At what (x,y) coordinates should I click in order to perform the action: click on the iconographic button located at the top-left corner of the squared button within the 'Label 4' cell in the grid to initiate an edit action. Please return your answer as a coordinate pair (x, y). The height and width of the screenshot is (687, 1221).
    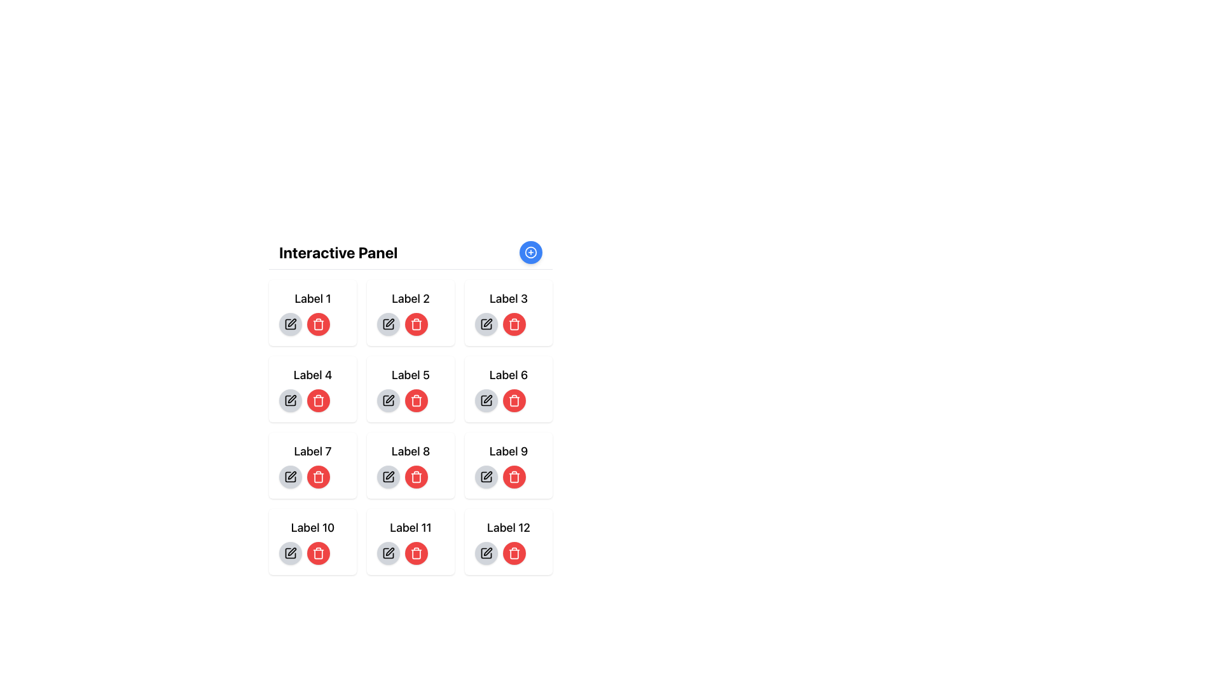
    Looking at the image, I should click on (291, 398).